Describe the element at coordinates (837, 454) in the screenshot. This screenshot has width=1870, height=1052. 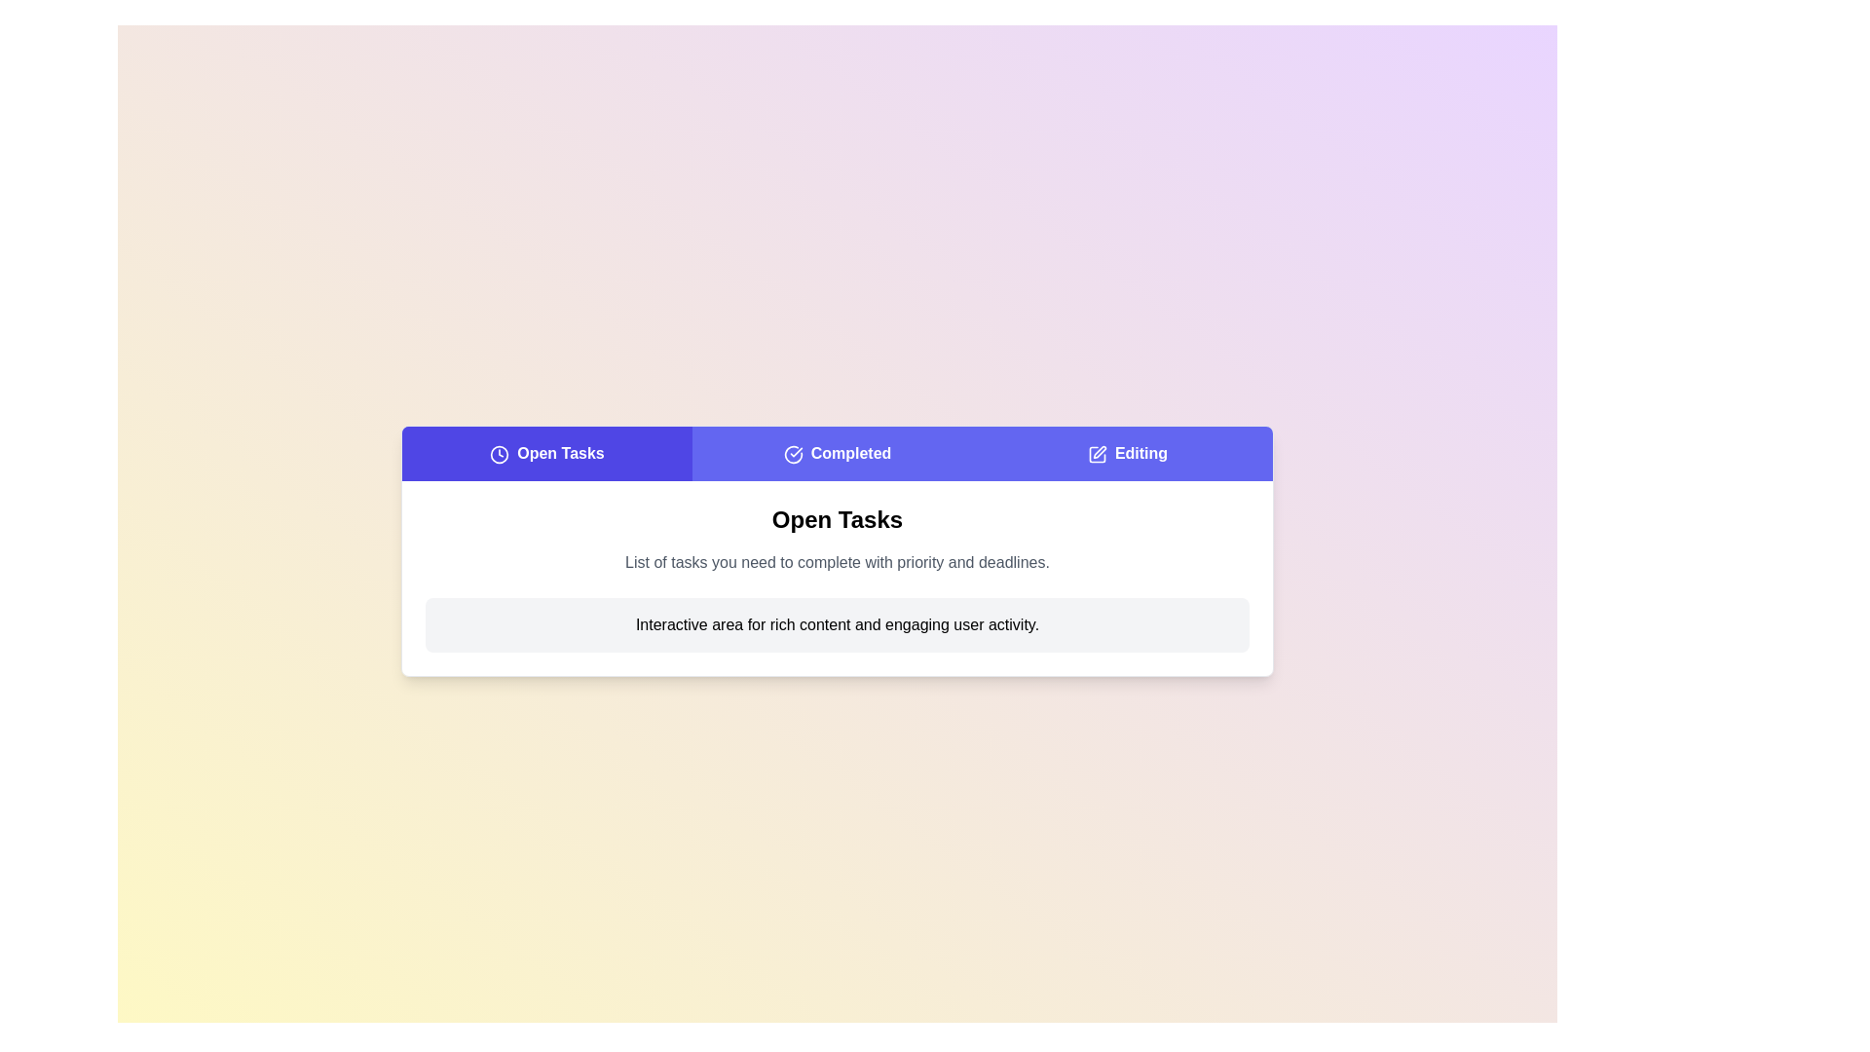
I see `the tab labeled Completed` at that location.